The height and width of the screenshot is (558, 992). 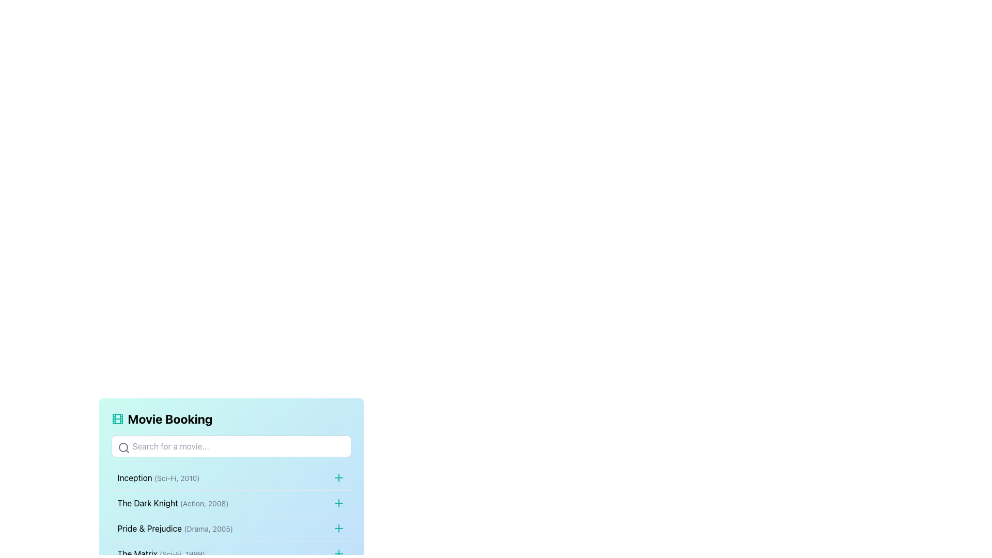 What do you see at coordinates (117, 419) in the screenshot?
I see `the teal-colored film reel icon located in the top-left corner of the card interface, adjacent to the 'Movie Booking' text` at bounding box center [117, 419].